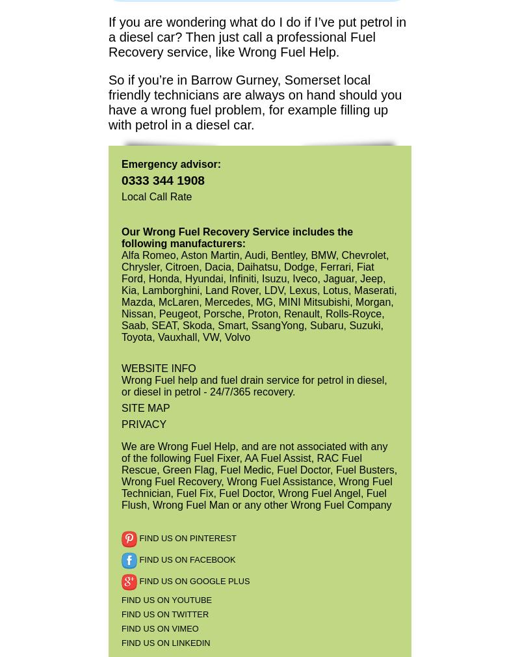 The image size is (520, 657). I want to click on 'We are Wrong Fuel Help, and are not associated with any of the following Fuel Fixer, AA Fuel Assist, RAC Fuel Rescue, Green Flag, Fuel Medic, Fuel Doctor, Fuel Busters, Wrong Fuel Recovery, Wrong Fuel Assistance, Wrong Fuel Technician, Fuel Fix, Fuel Doctor, Wrong Fuel Angel, Fuel Flush, Wrong Fuel Man or any other Wrong Fuel Company', so click(259, 474).